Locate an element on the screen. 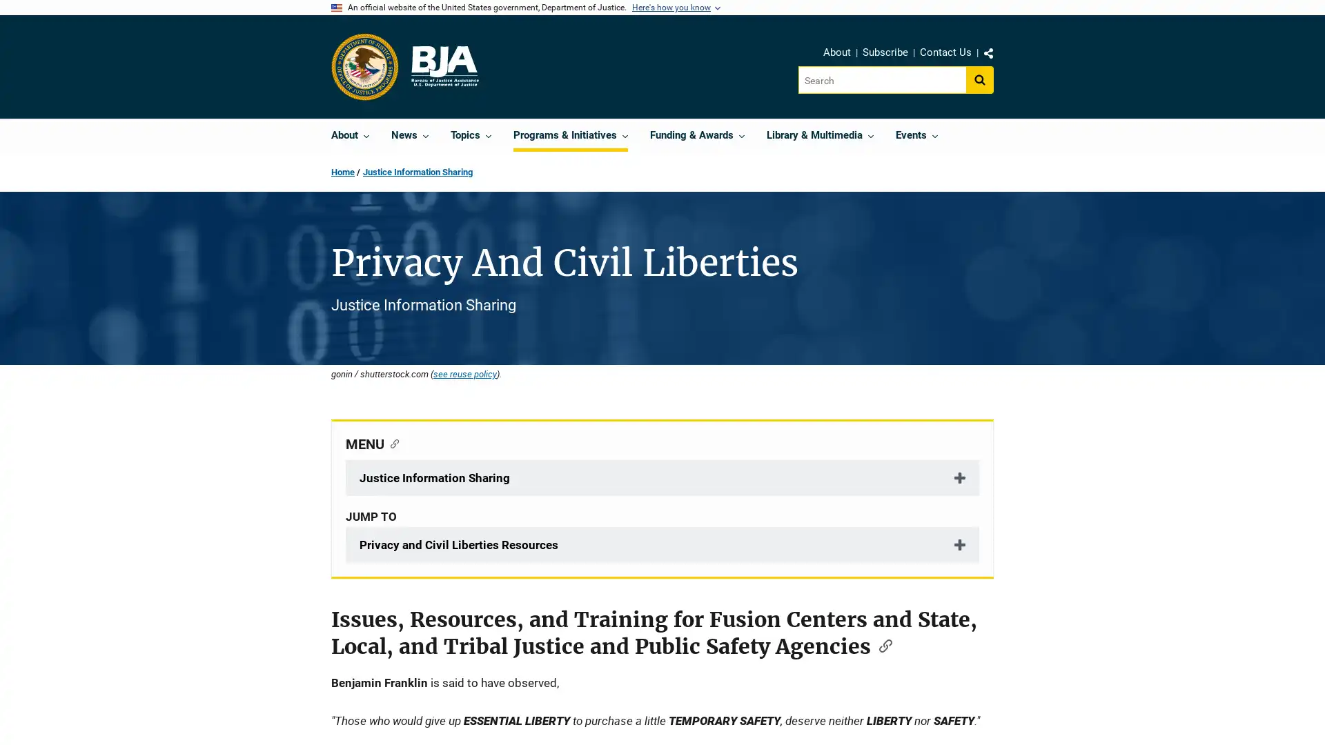  Here's how you know is located at coordinates (671, 8).